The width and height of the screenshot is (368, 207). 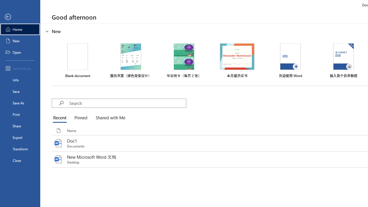 What do you see at coordinates (77, 61) in the screenshot?
I see `'Blank document'` at bounding box center [77, 61].